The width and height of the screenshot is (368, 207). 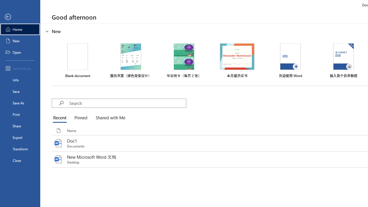 What do you see at coordinates (77, 61) in the screenshot?
I see `'Blank document'` at bounding box center [77, 61].